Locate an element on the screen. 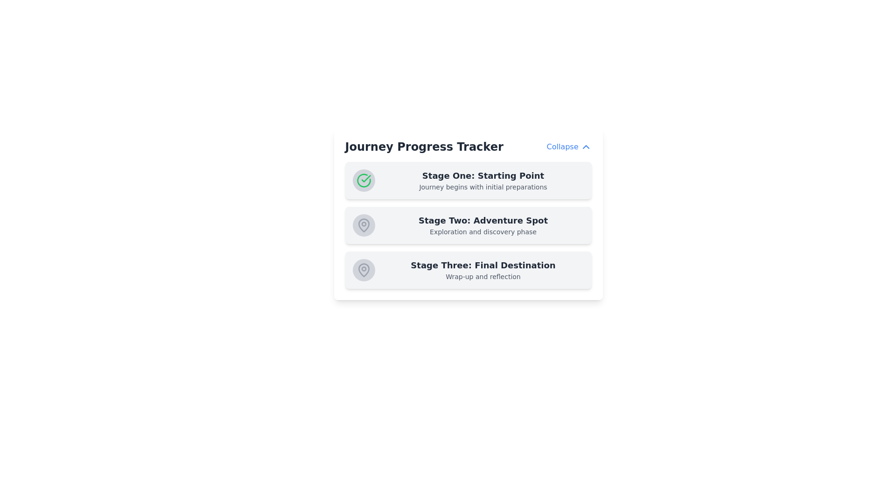  the text label element reading 'Stage One: Starting Point', which is presented in bold dark gray font as part of the progress tracker interface is located at coordinates (483, 176).